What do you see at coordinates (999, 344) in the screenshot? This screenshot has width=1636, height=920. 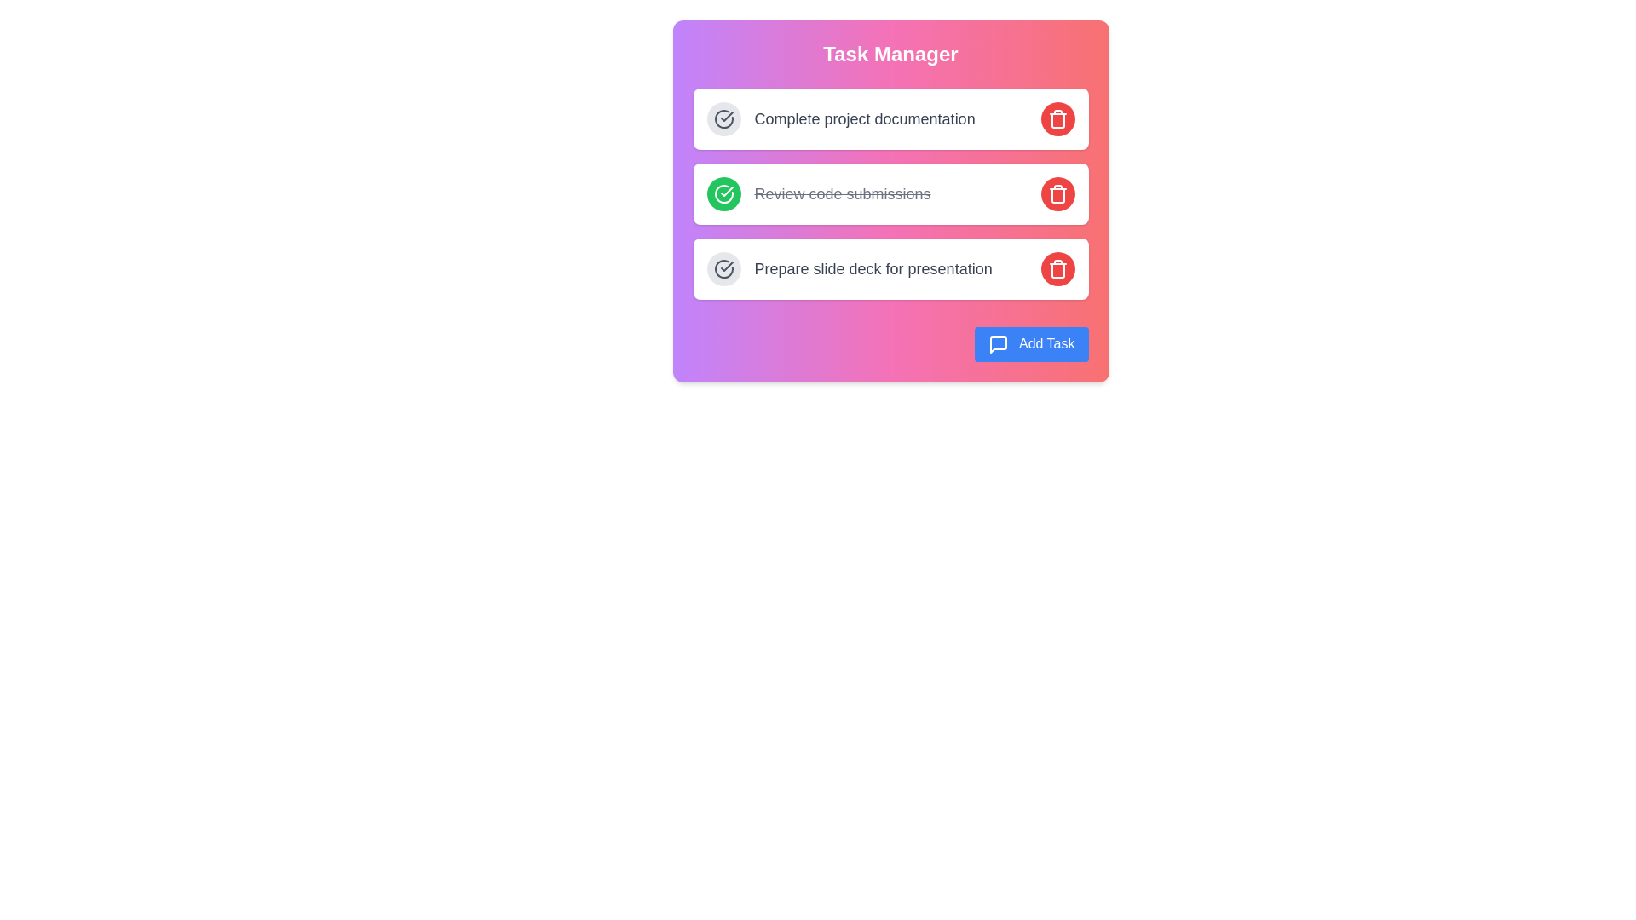 I see `the messaging icon located within the 'Add Task' button in the lower-right corner of the task manager interface` at bounding box center [999, 344].